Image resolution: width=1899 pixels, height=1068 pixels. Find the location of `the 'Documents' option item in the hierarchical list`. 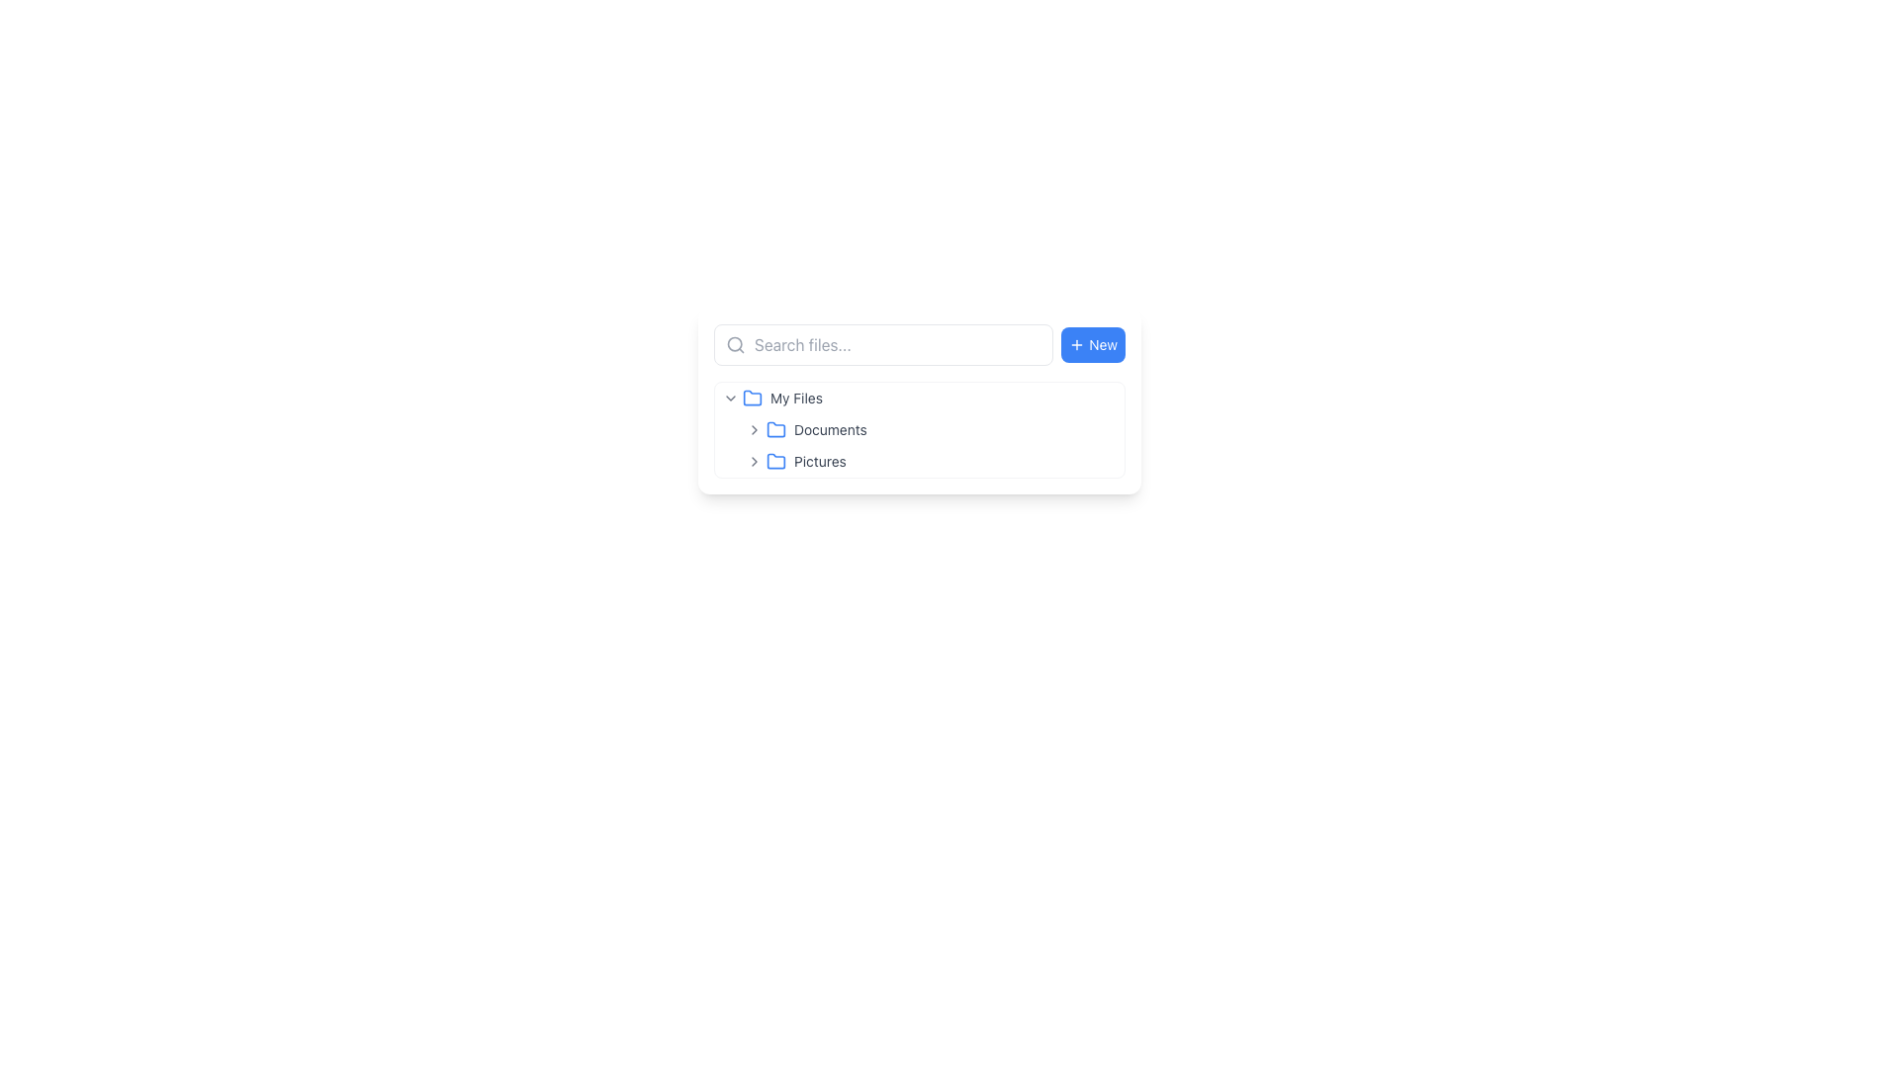

the 'Documents' option item in the hierarchical list is located at coordinates (919, 429).